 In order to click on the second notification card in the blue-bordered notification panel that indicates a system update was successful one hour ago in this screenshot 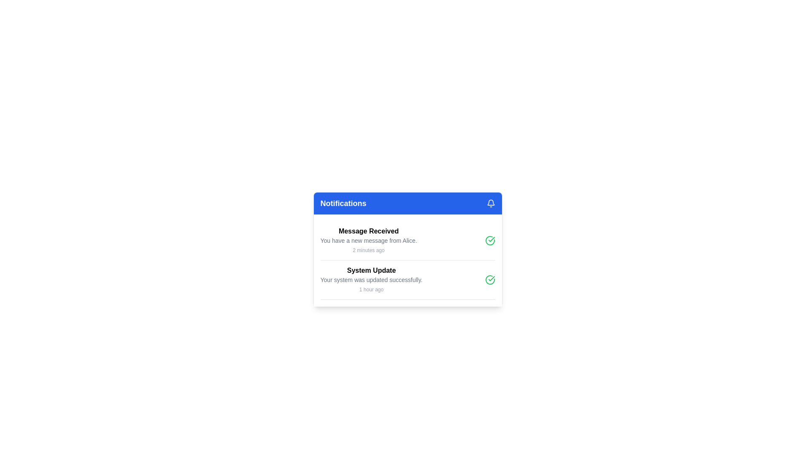, I will do `click(371, 280)`.